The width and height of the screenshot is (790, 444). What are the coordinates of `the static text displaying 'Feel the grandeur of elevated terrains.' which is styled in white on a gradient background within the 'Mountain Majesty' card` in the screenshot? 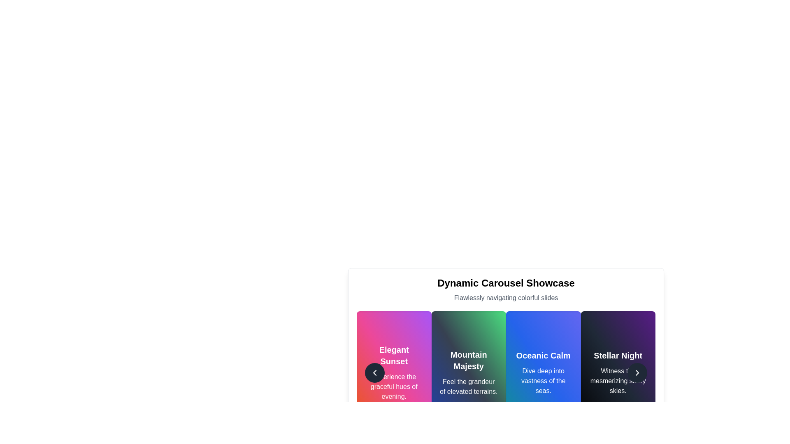 It's located at (469, 387).